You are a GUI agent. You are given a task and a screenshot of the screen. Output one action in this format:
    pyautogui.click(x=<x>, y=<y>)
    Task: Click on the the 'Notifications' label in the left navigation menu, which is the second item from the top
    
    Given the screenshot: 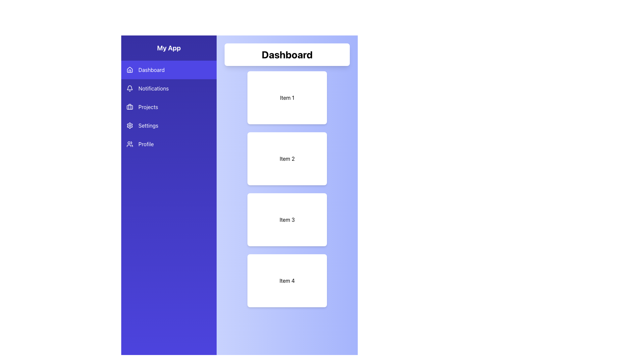 What is the action you would take?
    pyautogui.click(x=153, y=88)
    